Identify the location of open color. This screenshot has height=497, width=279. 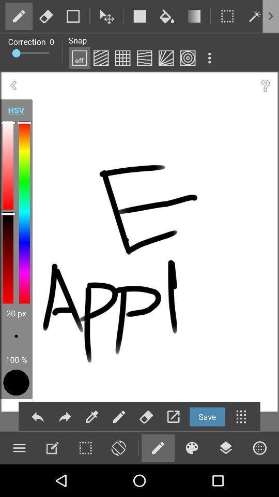
(191, 447).